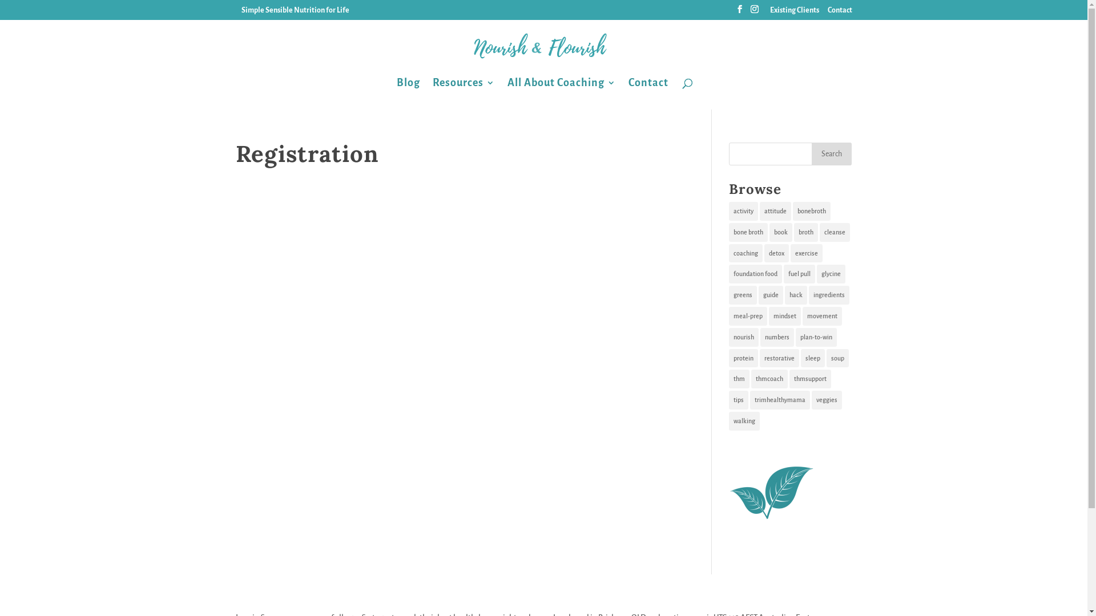  I want to click on 'coaching', so click(746, 253).